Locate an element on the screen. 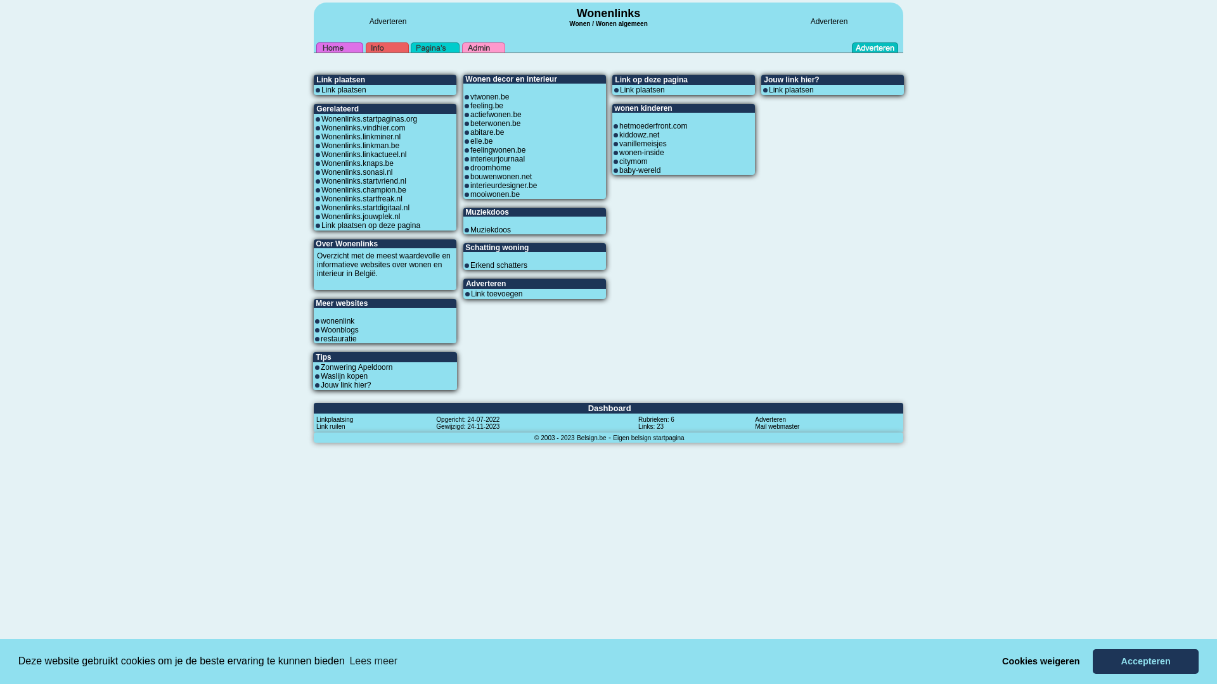 The image size is (1217, 684). 'elle.be' is located at coordinates (480, 141).